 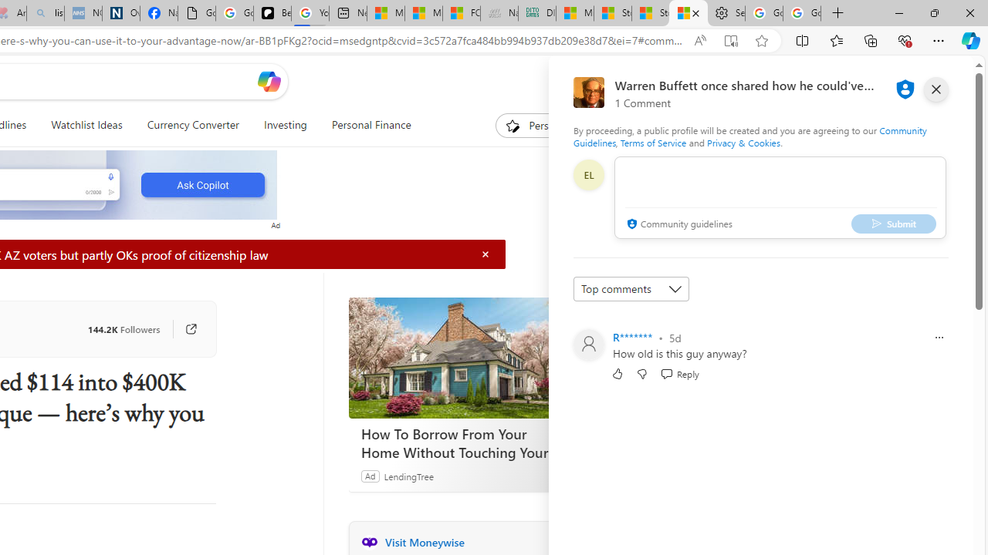 What do you see at coordinates (935, 89) in the screenshot?
I see `'close'` at bounding box center [935, 89].